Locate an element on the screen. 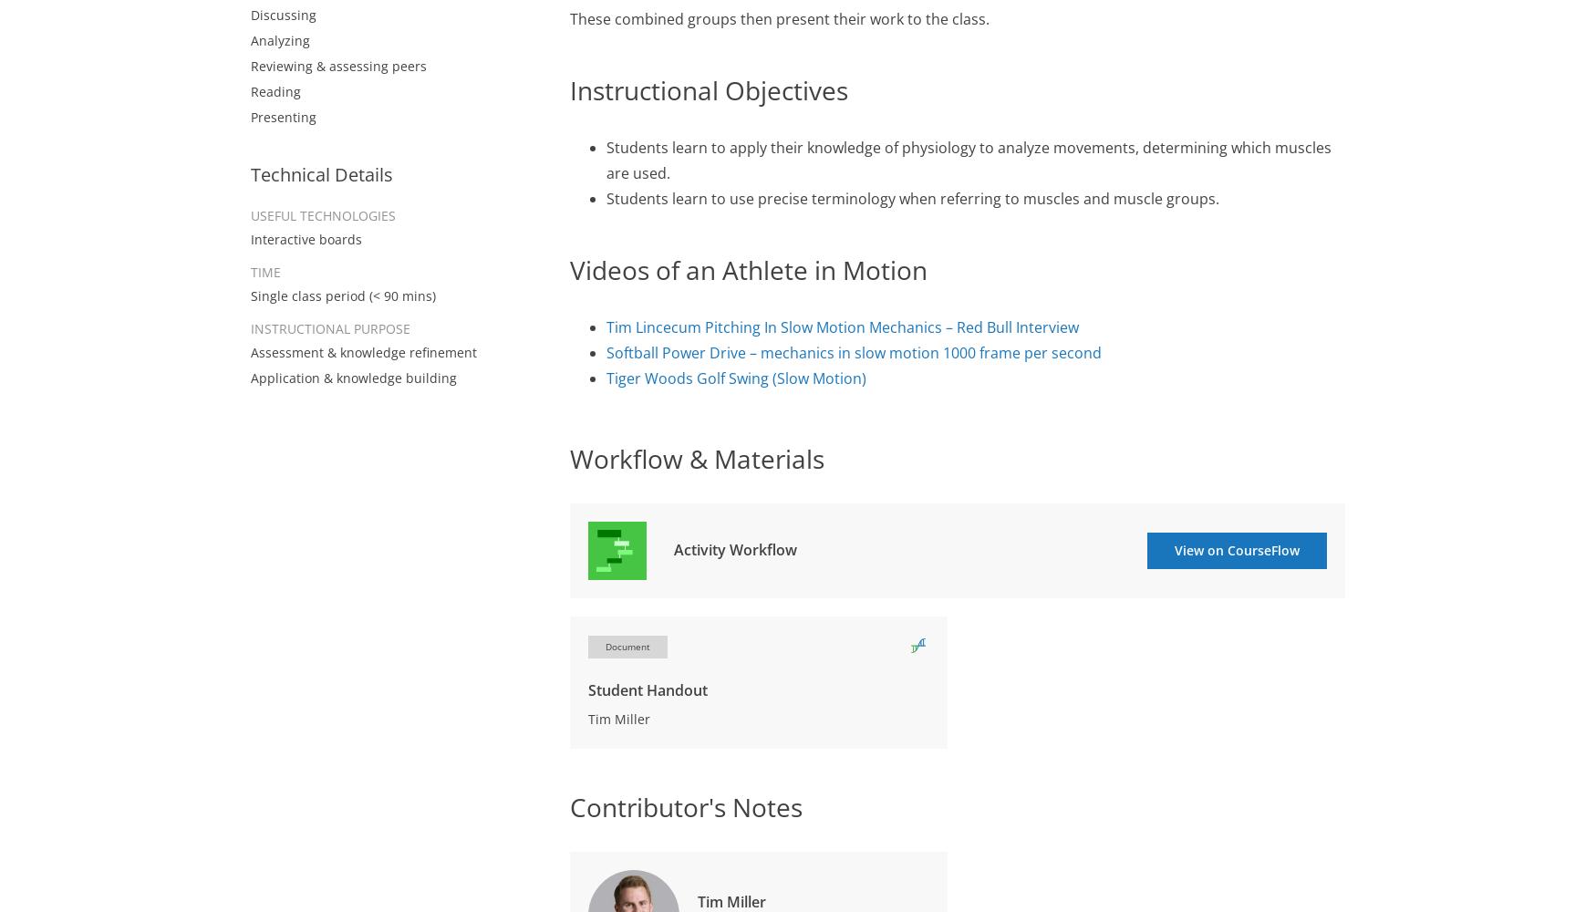 This screenshot has width=1596, height=912. 'Reviewing & assessing peers' is located at coordinates (338, 64).